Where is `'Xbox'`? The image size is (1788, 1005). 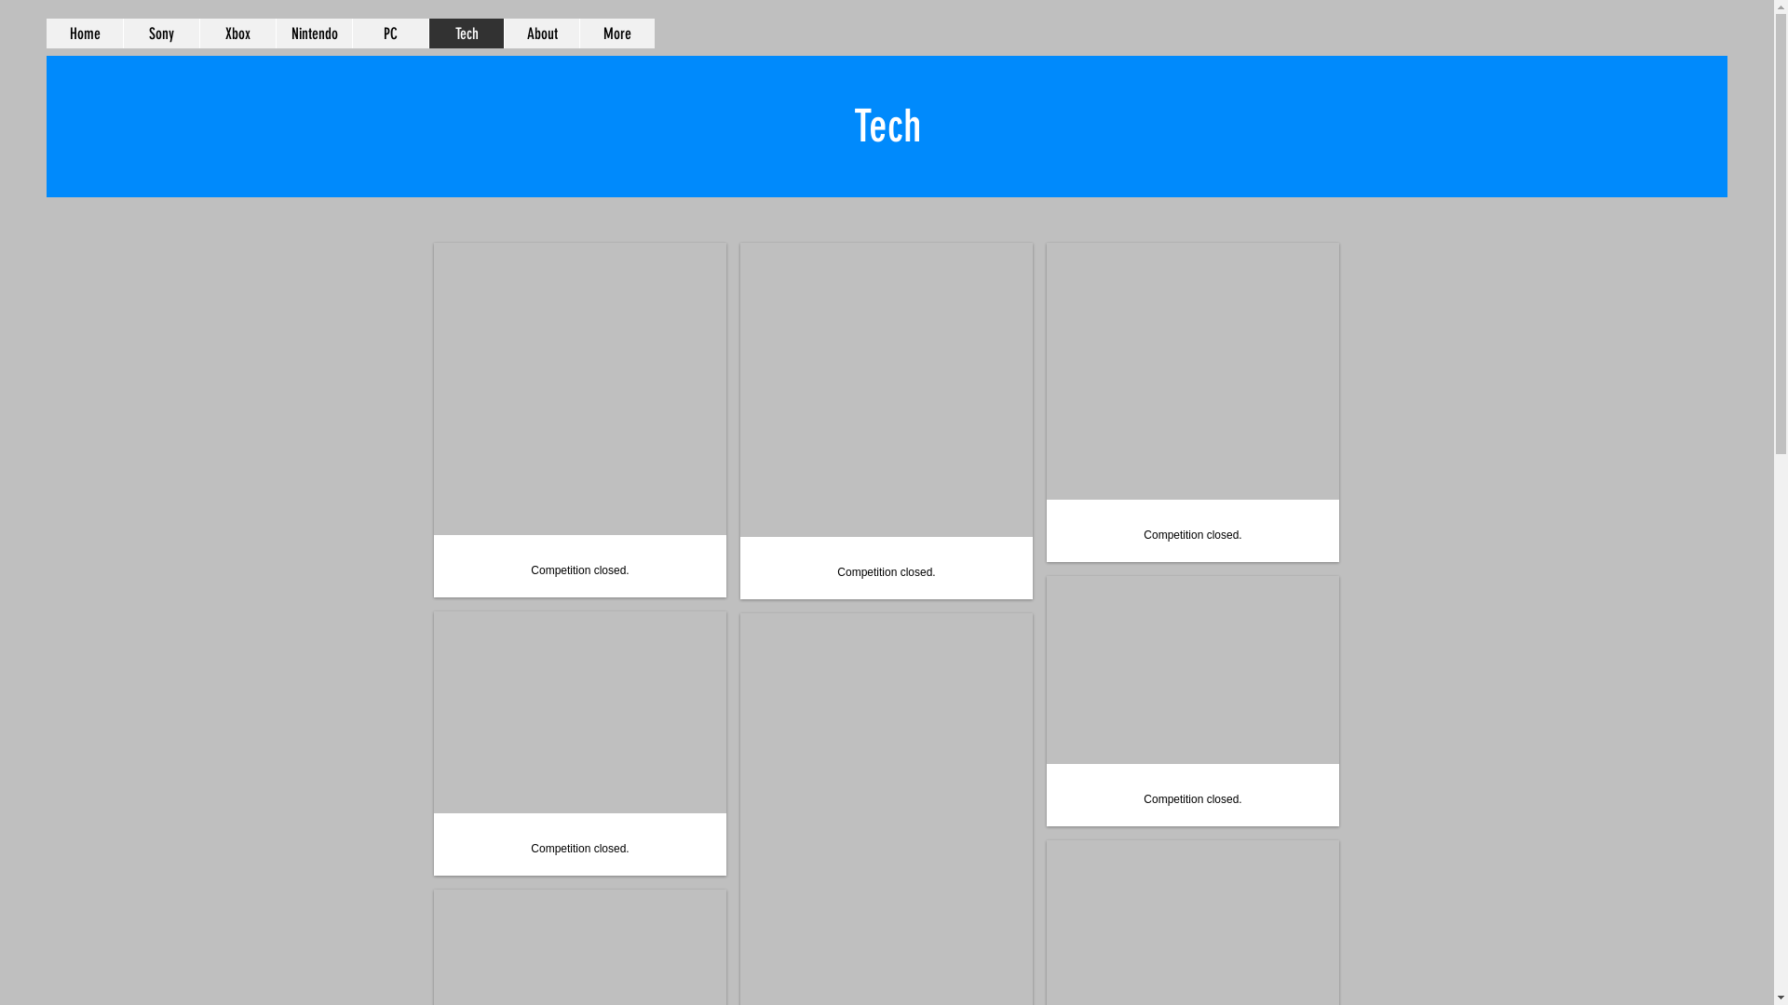
'Xbox' is located at coordinates (236, 33).